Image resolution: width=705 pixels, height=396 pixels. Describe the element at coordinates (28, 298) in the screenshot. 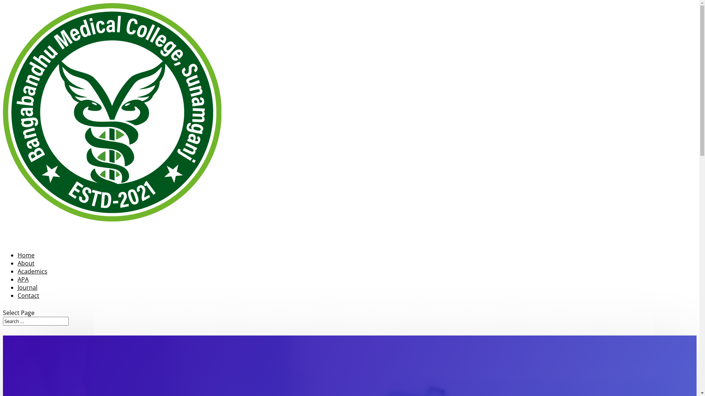

I see `'Journal'` at that location.